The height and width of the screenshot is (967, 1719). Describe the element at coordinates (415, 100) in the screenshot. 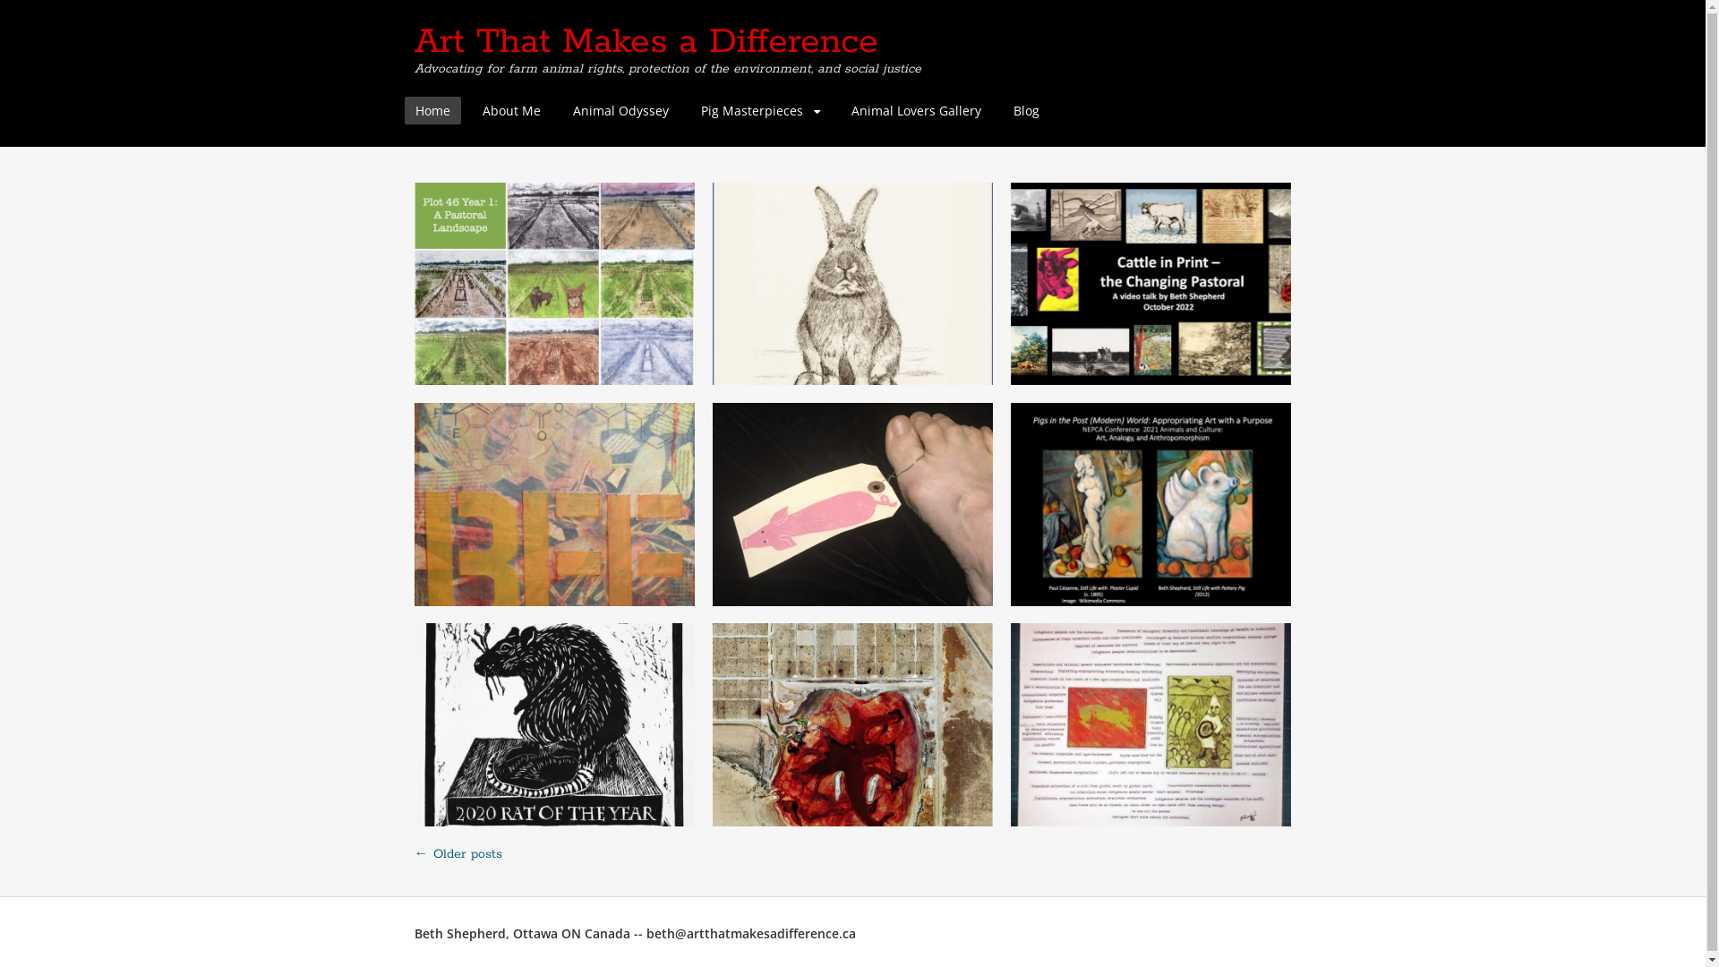

I see `'Skip to content'` at that location.